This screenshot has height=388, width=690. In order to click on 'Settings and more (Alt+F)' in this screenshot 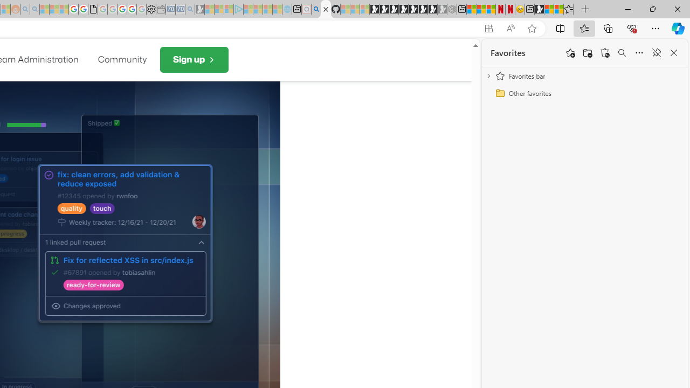, I will do `click(655, 27)`.